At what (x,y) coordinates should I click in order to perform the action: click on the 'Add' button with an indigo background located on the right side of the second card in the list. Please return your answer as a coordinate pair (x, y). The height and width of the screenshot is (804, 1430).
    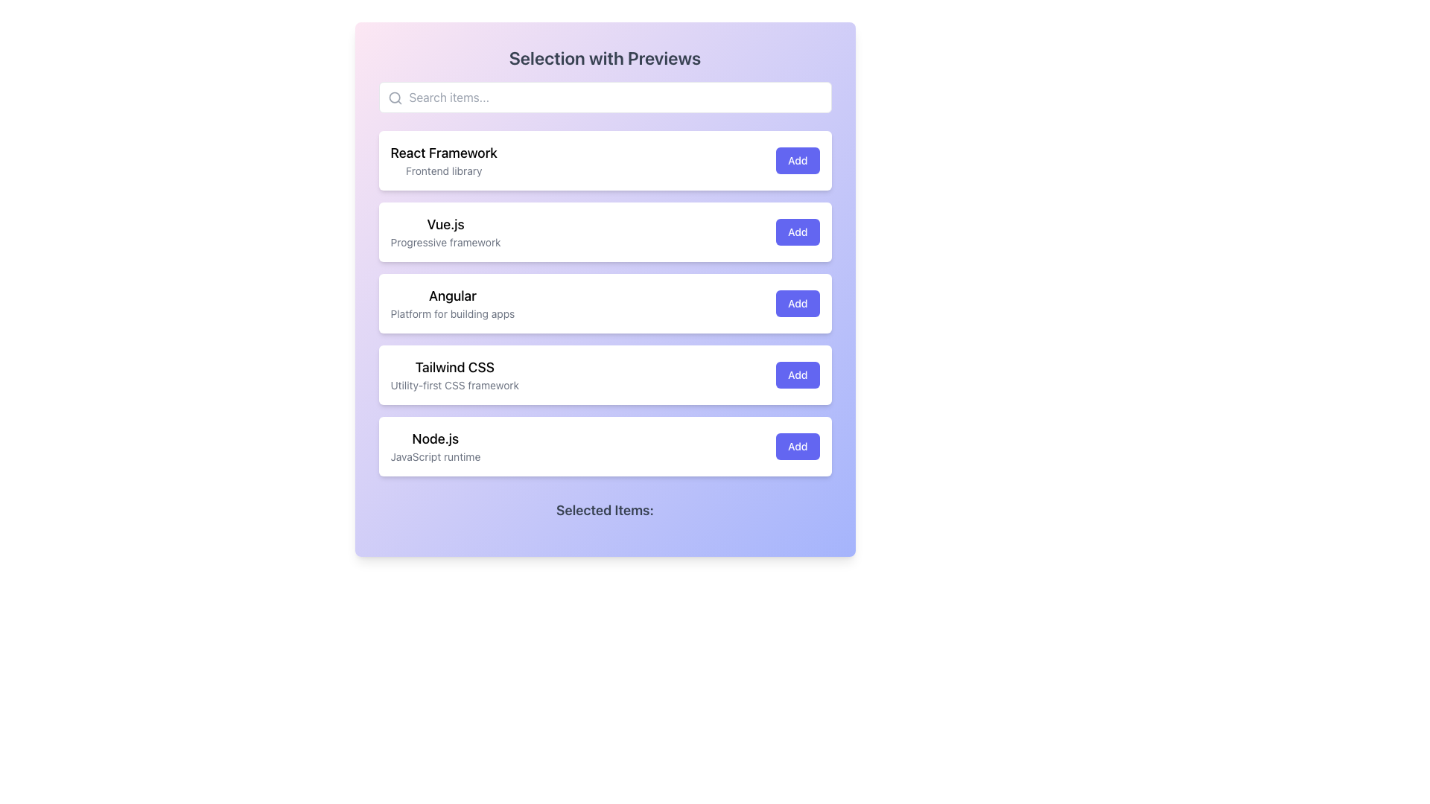
    Looking at the image, I should click on (797, 232).